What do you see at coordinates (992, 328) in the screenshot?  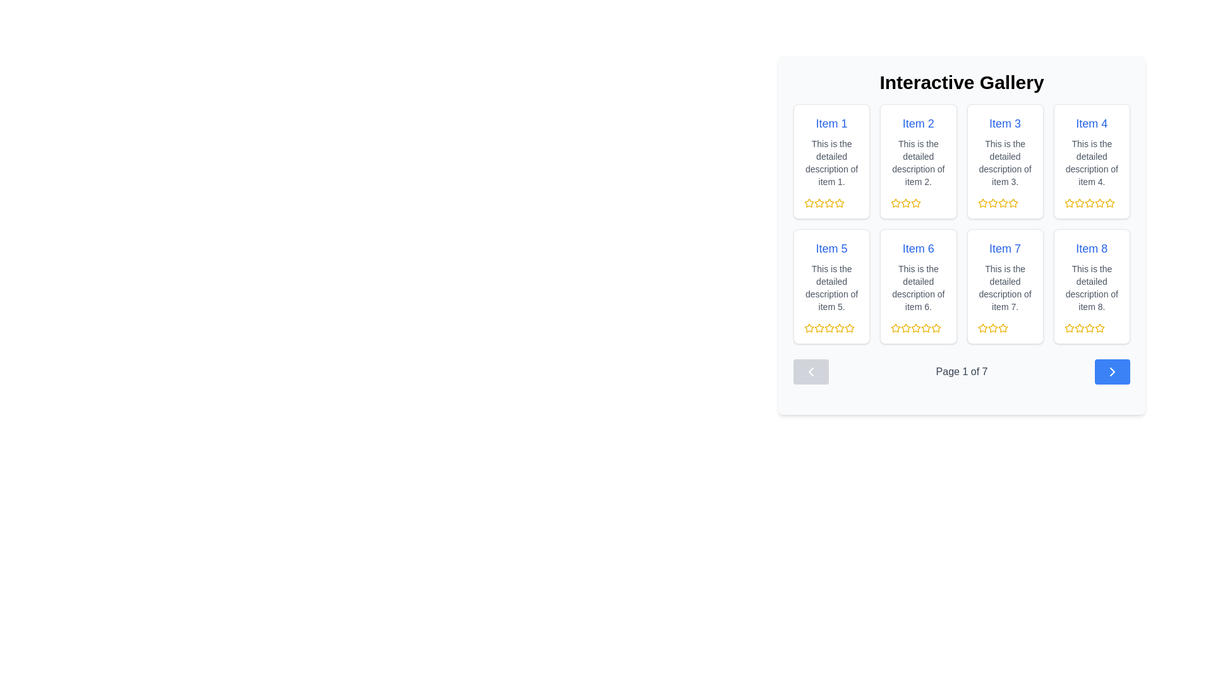 I see `the third star icon in the rating system below Item 7 to provide a rating` at bounding box center [992, 328].